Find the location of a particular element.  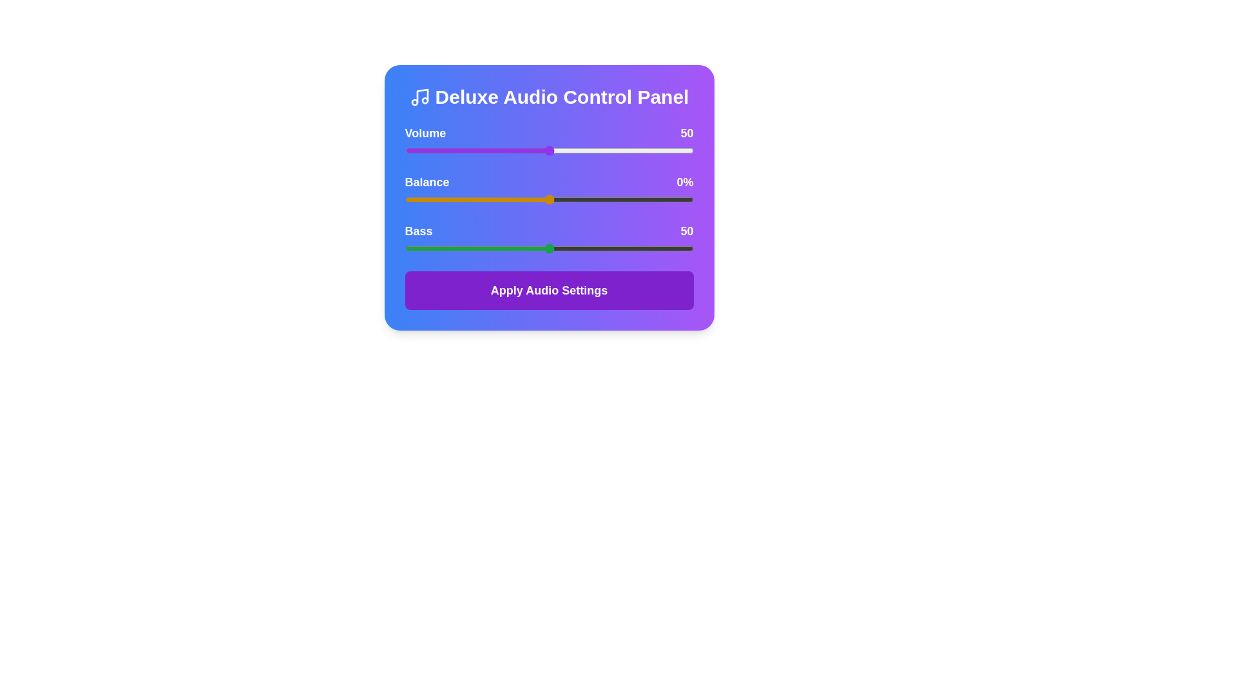

bass level is located at coordinates (499, 248).